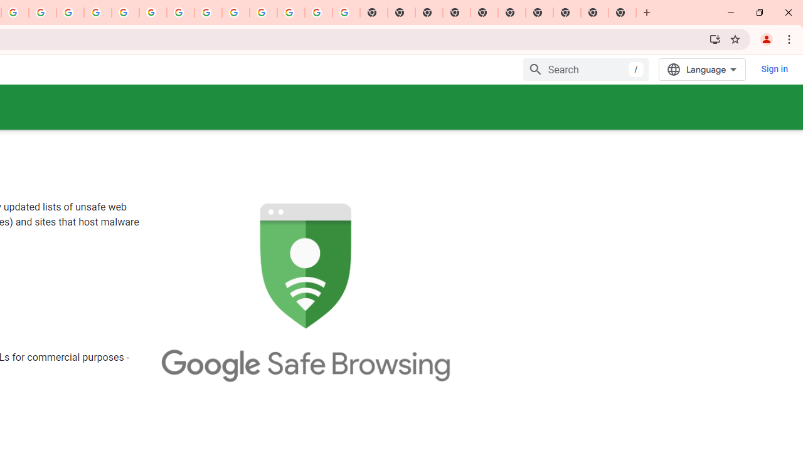  Describe the element at coordinates (715, 38) in the screenshot. I see `'Install Google Developers'` at that location.